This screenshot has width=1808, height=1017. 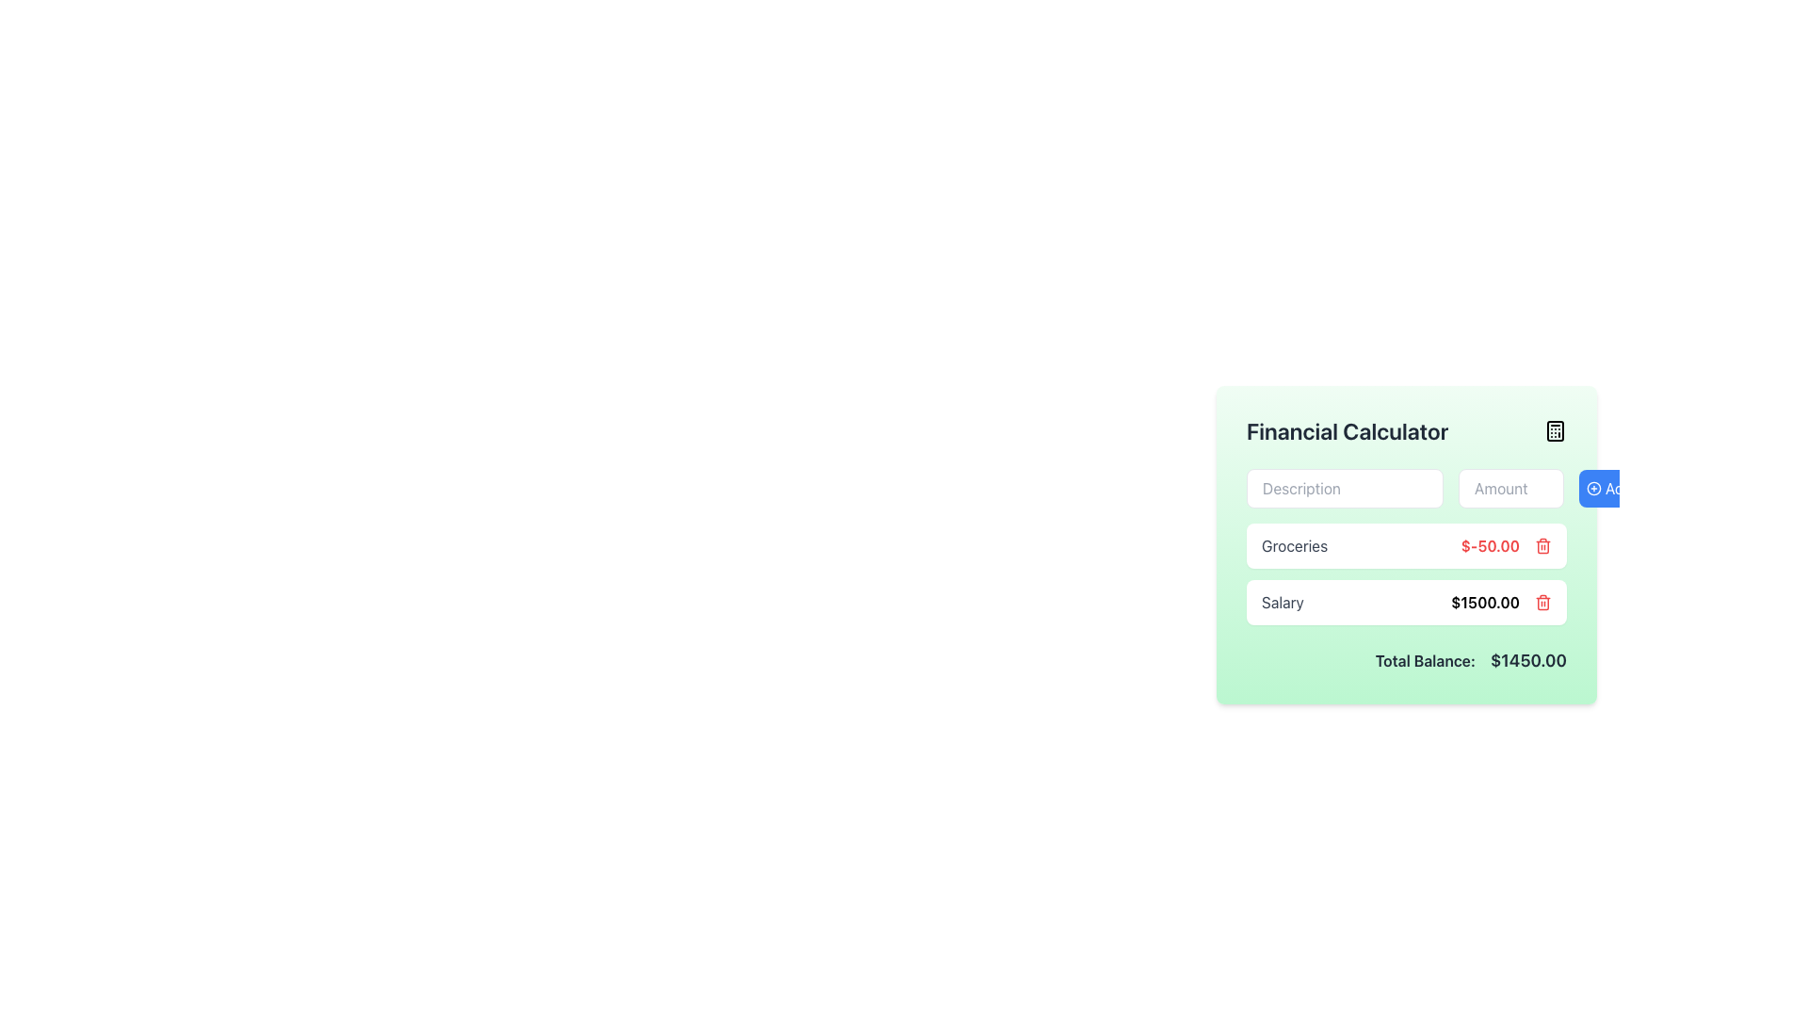 I want to click on the 'Total Balance: $1450.00' text display element located at the bottom of the 'Financial Calculator' panel, so click(x=1406, y=660).